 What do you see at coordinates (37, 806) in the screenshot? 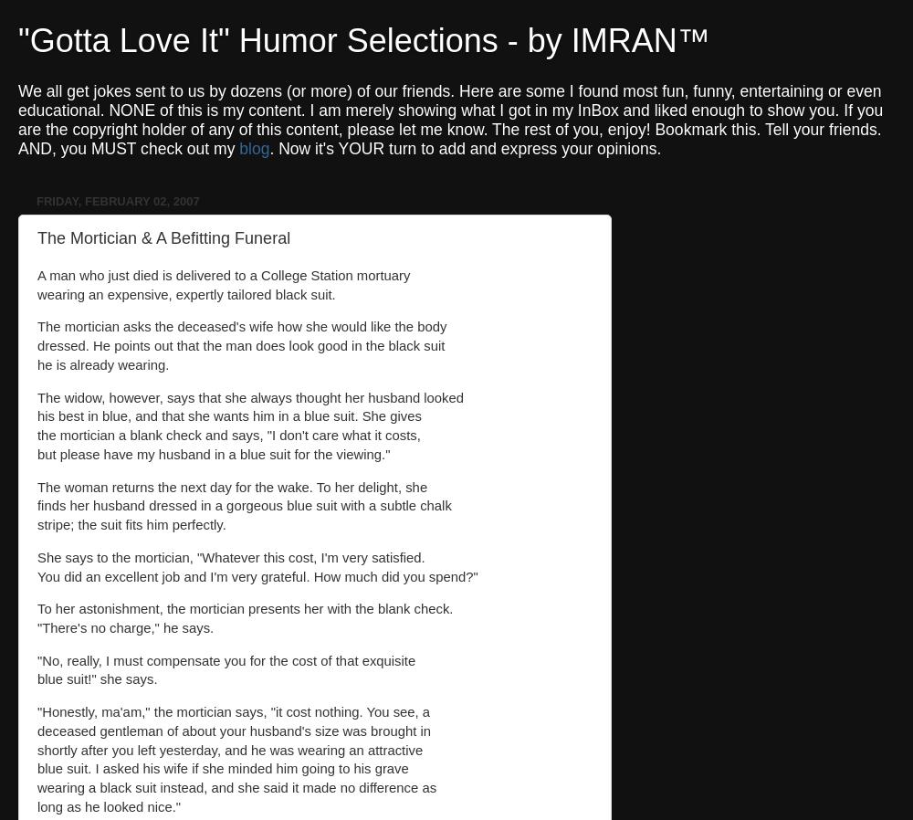
I see `'long as he looked nice."'` at bounding box center [37, 806].